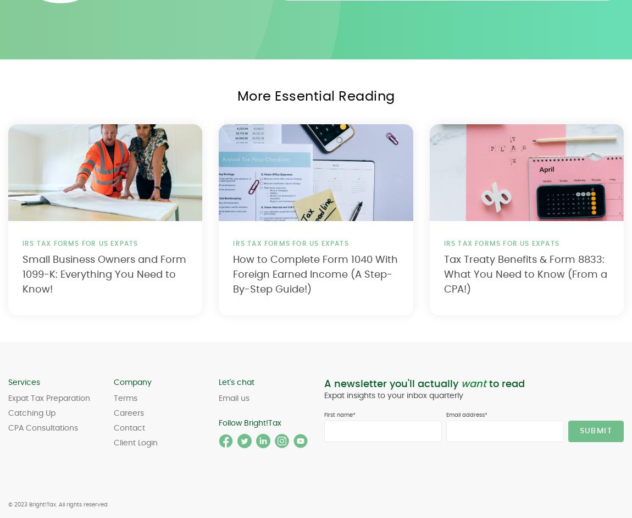 Image resolution: width=632 pixels, height=518 pixels. Describe the element at coordinates (128, 428) in the screenshot. I see `'Contact'` at that location.